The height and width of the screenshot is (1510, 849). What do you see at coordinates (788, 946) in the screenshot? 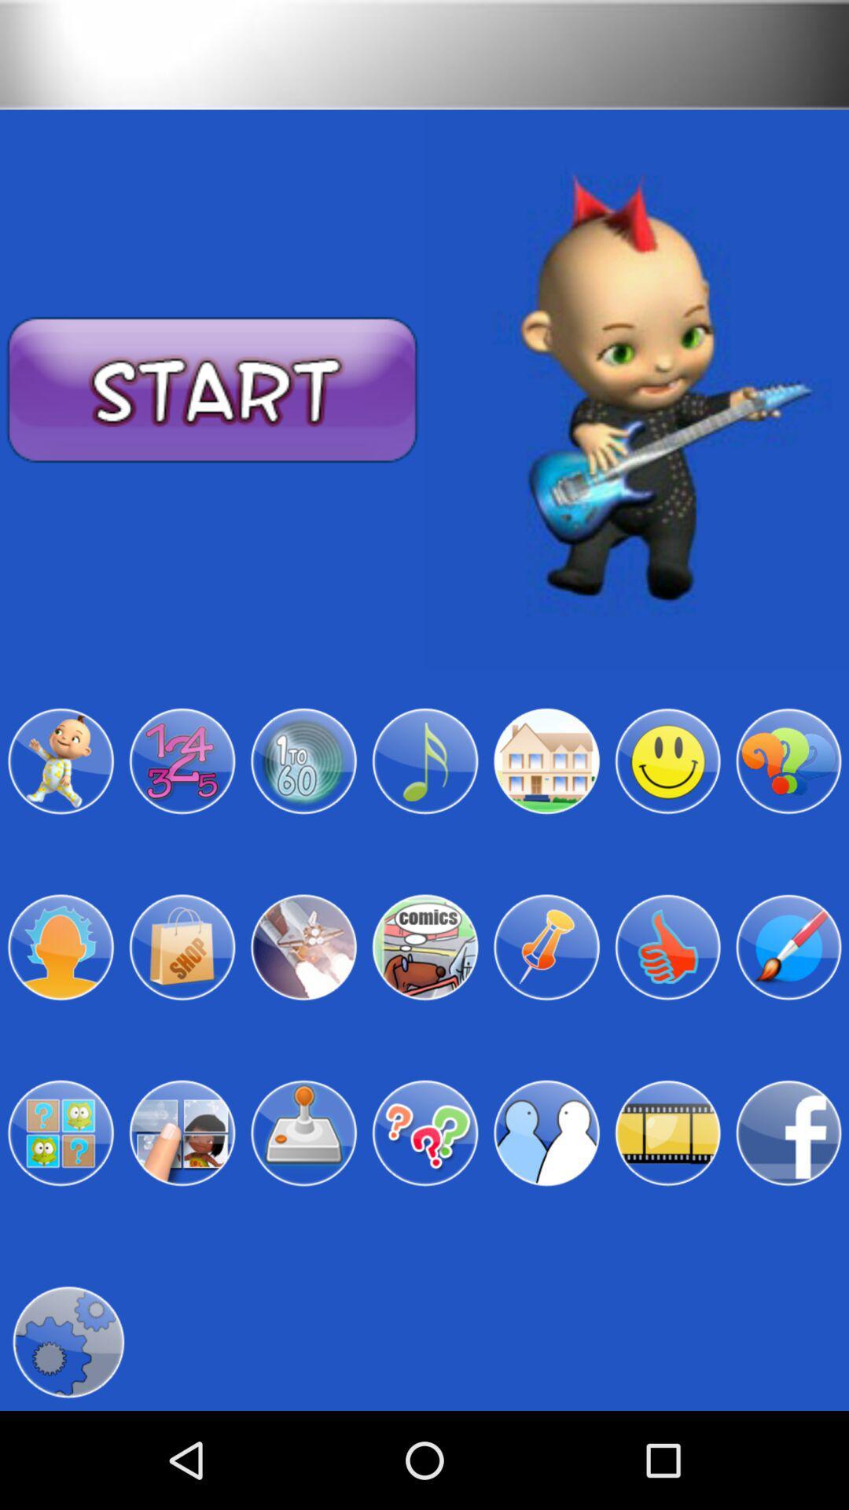
I see `choose profile` at bounding box center [788, 946].